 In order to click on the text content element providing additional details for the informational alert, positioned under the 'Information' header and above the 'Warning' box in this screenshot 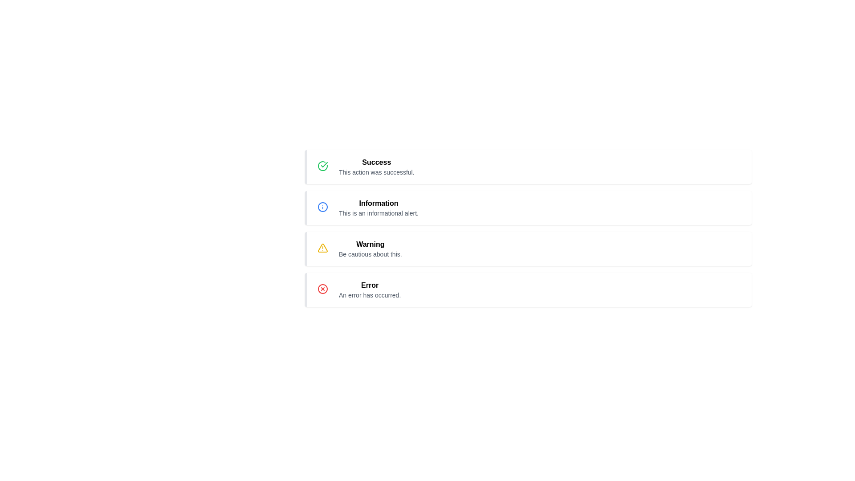, I will do `click(379, 208)`.